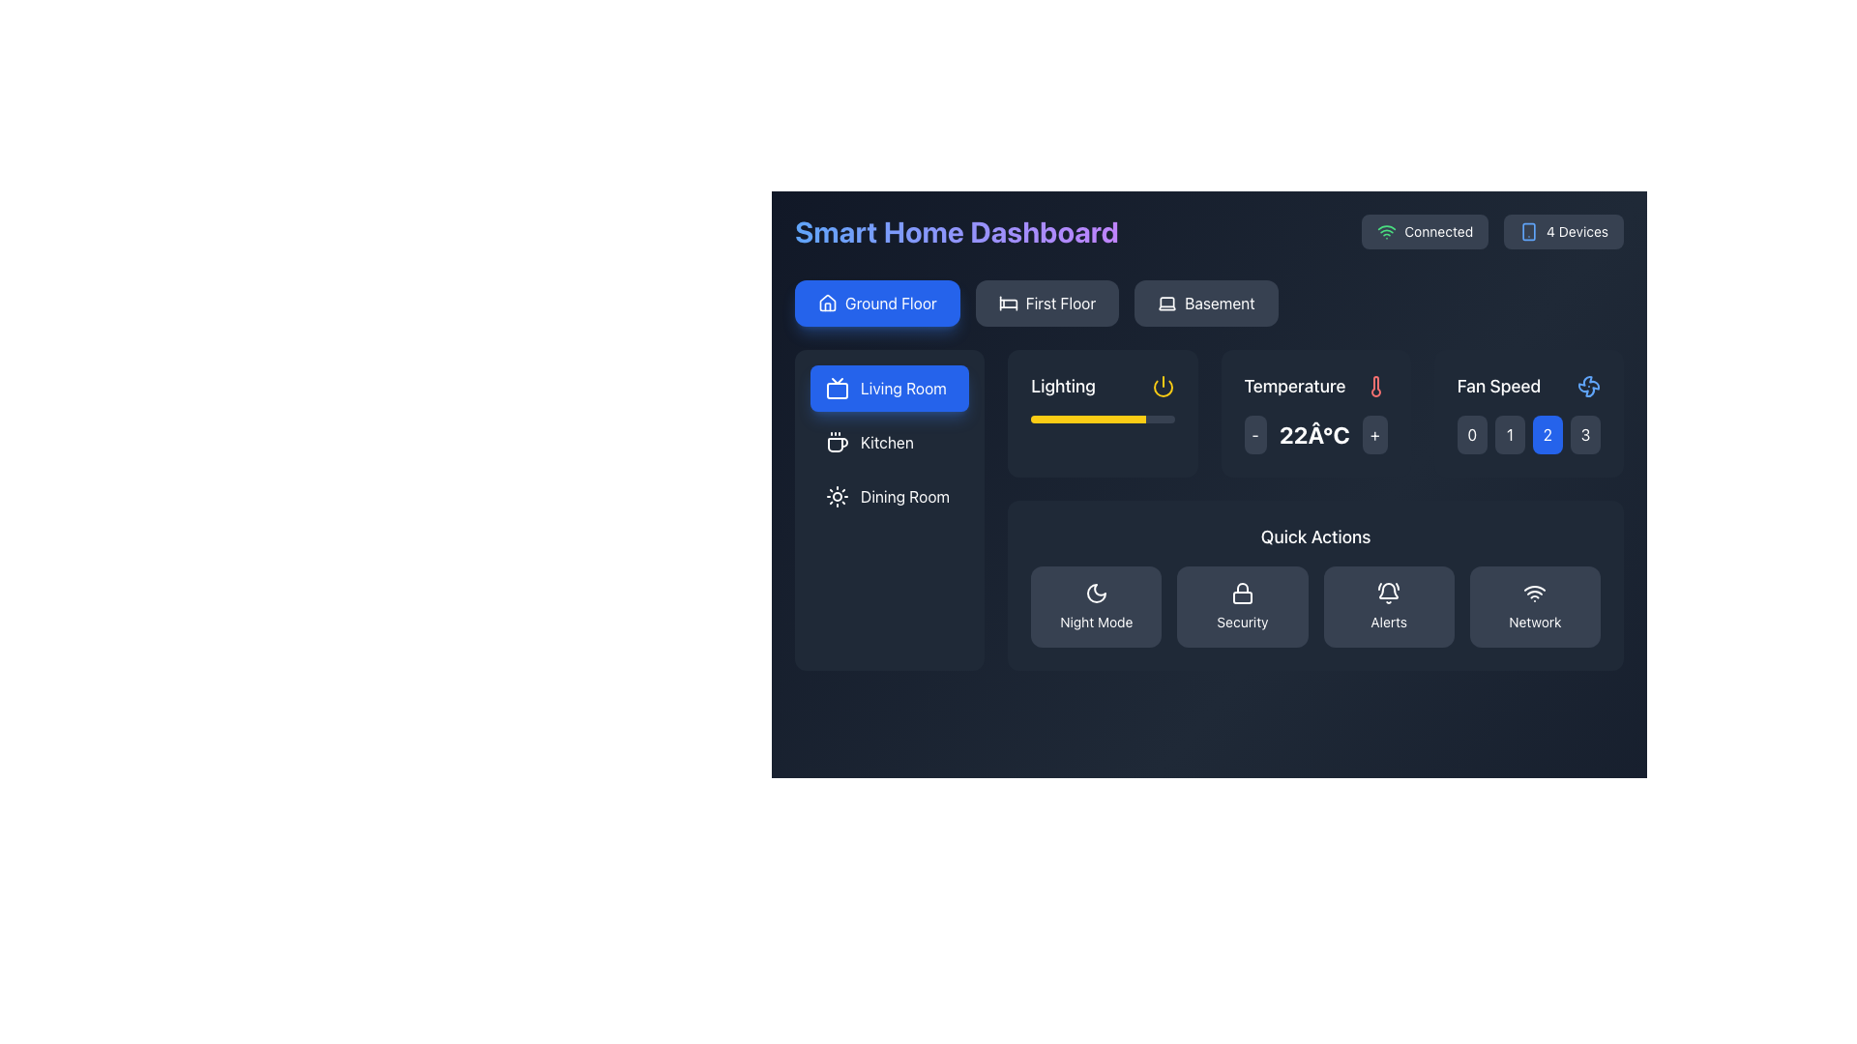 This screenshot has height=1044, width=1857. I want to click on the navigation button located in the dark sidebar panel, so click(889, 443).